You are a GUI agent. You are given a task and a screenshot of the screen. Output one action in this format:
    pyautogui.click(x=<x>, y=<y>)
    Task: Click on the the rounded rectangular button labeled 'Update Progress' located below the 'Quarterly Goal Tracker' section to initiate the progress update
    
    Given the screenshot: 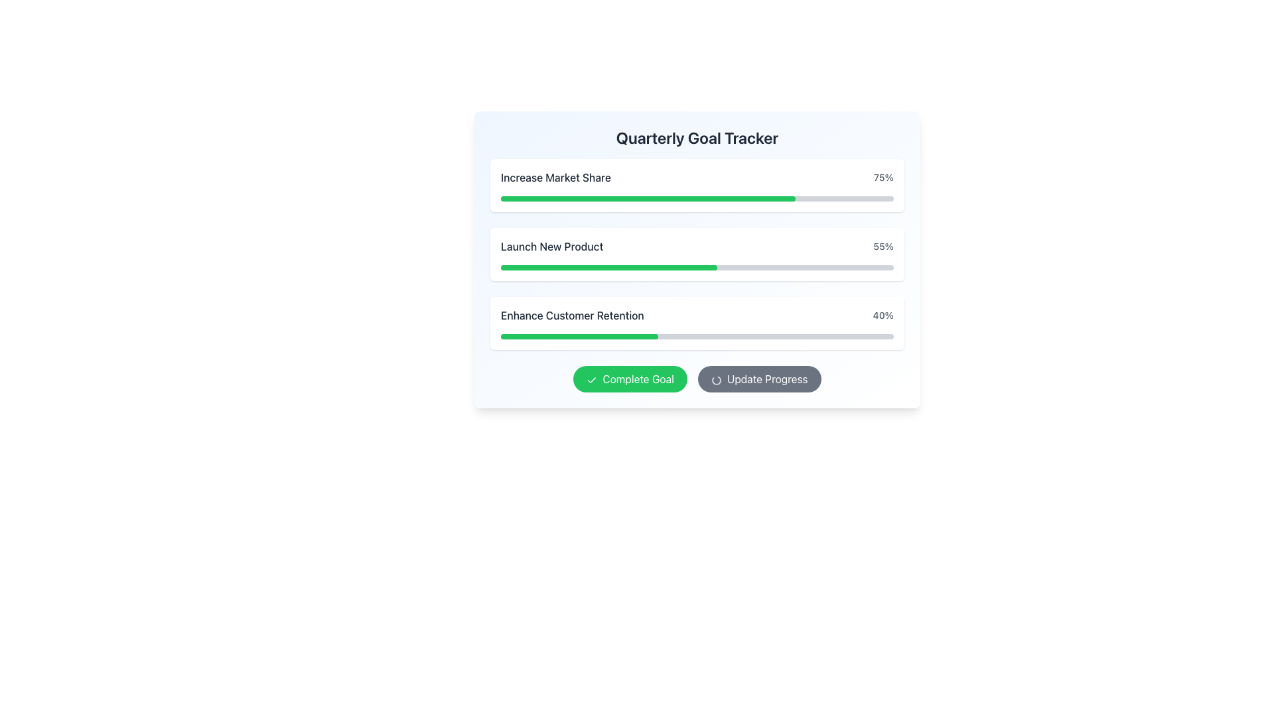 What is the action you would take?
    pyautogui.click(x=759, y=379)
    